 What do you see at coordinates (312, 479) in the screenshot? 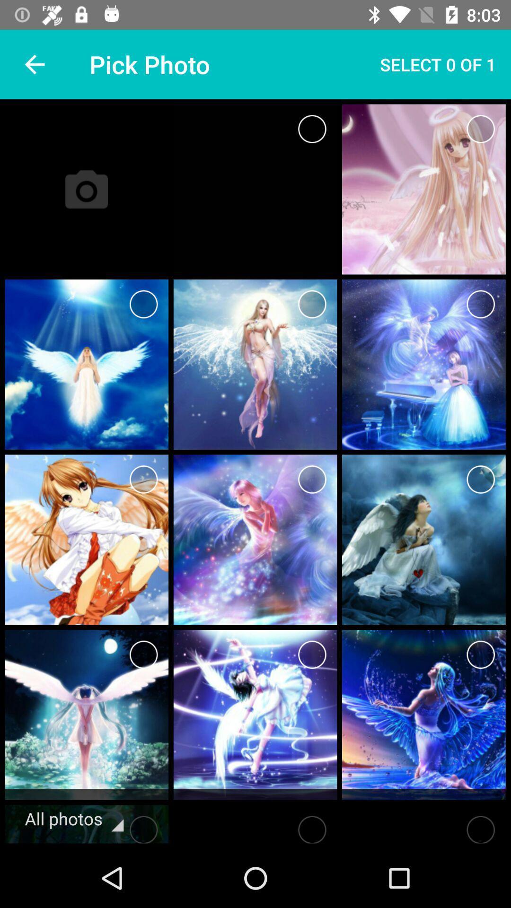
I see `a photo option` at bounding box center [312, 479].